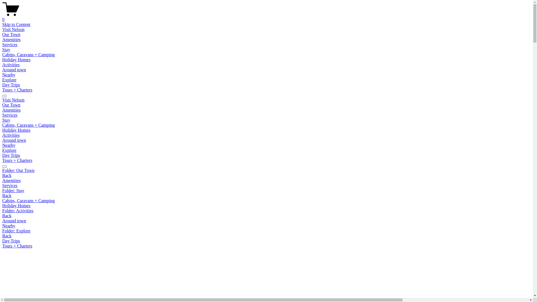 This screenshot has width=537, height=302. What do you see at coordinates (16, 130) in the screenshot?
I see `'Holiday Homes'` at bounding box center [16, 130].